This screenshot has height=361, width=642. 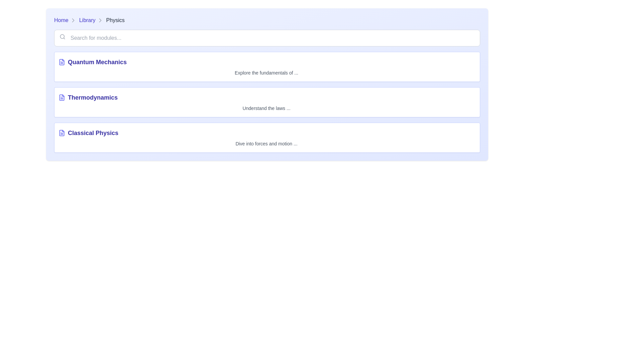 What do you see at coordinates (100, 20) in the screenshot?
I see `the icon that visually represents the connection between 'Library' and 'Physics' in the top navigation bar` at bounding box center [100, 20].